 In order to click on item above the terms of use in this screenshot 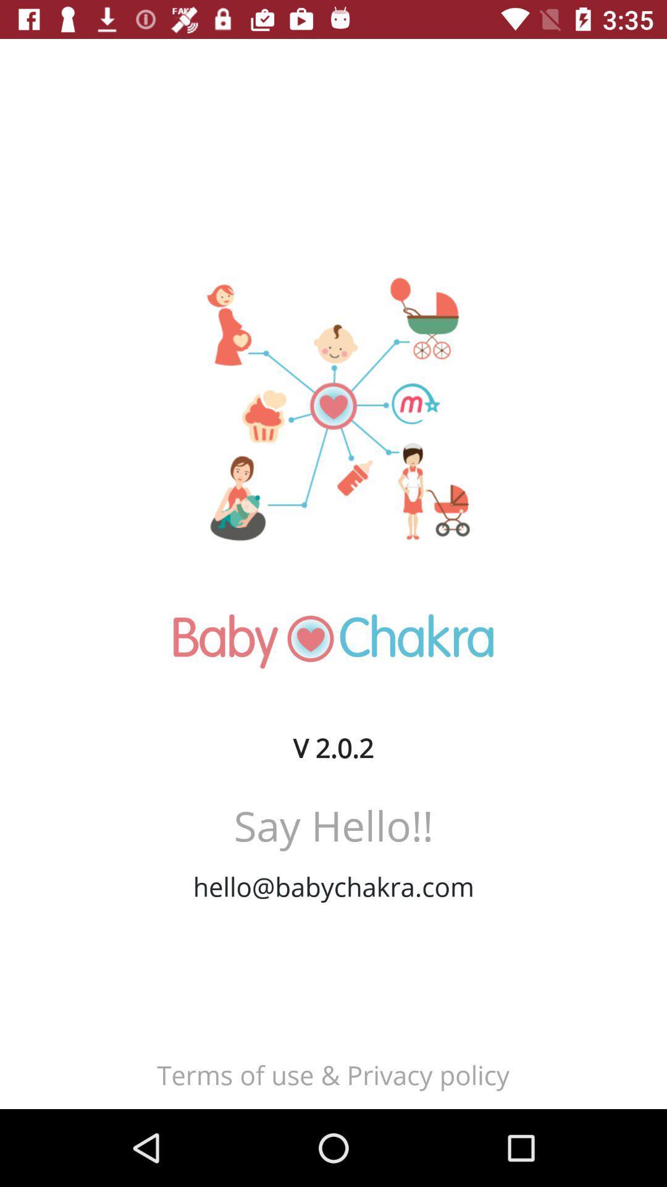, I will do `click(333, 886)`.